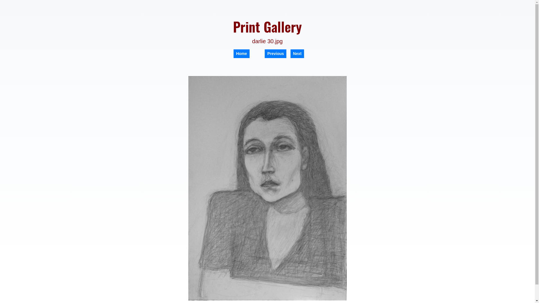  Describe the element at coordinates (275, 54) in the screenshot. I see `'Previous'` at that location.